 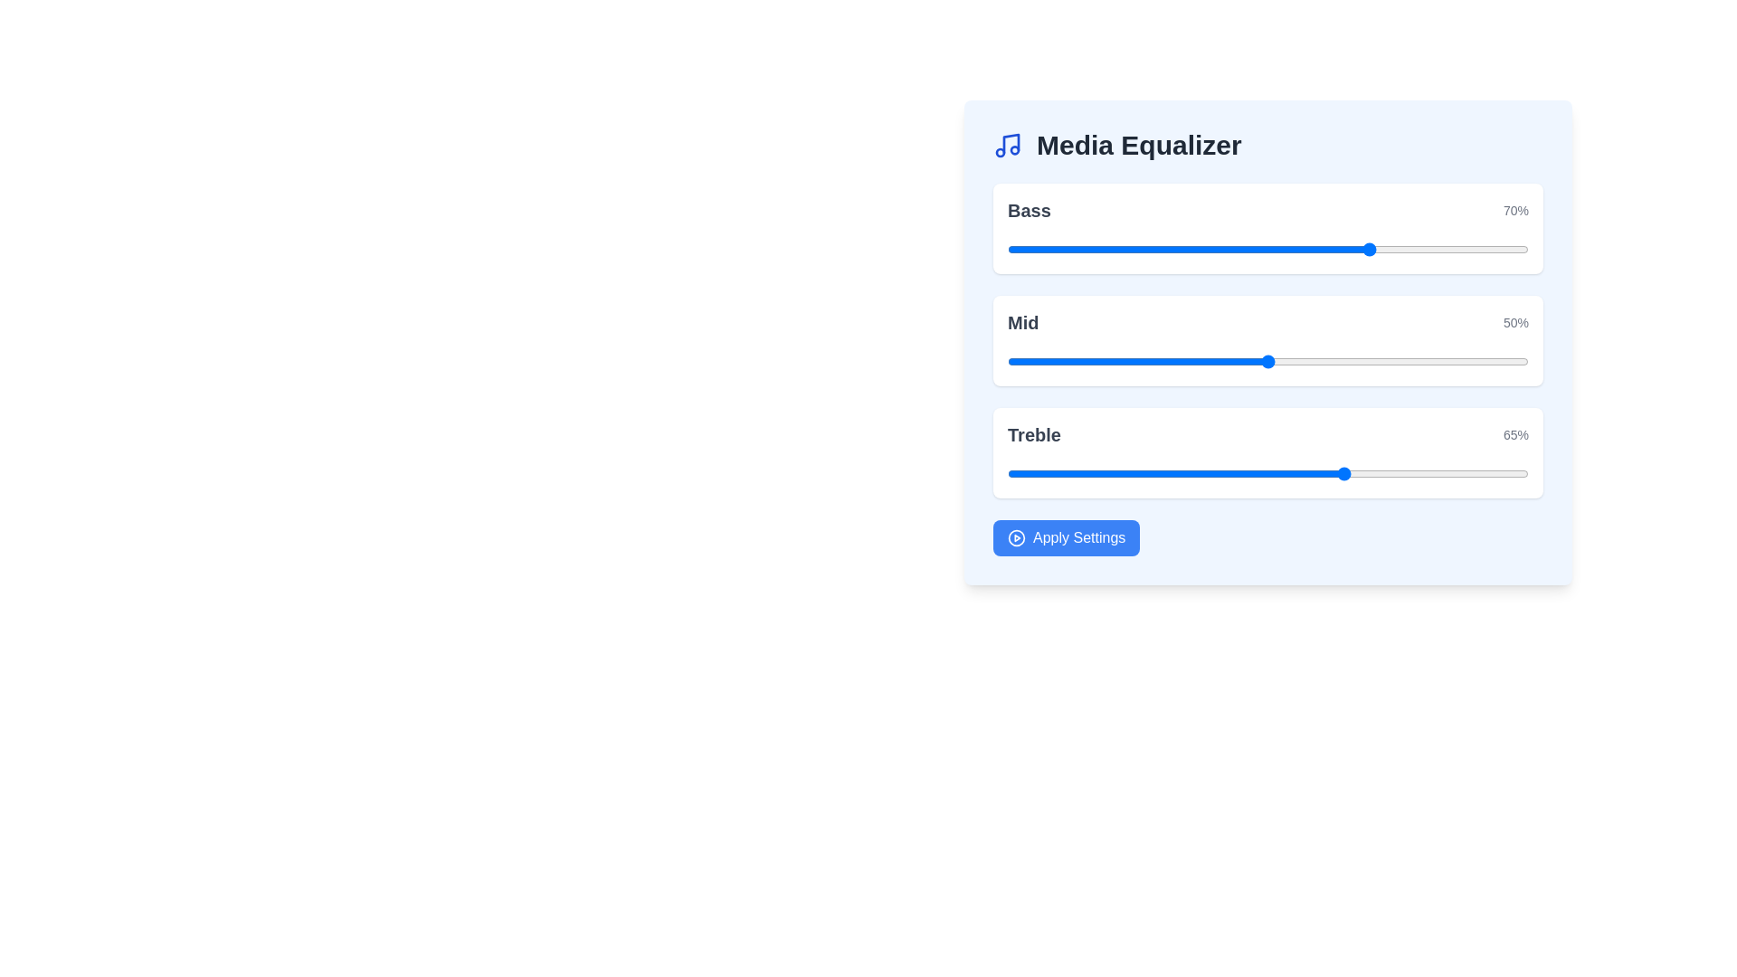 I want to click on the bass level, so click(x=1011, y=250).